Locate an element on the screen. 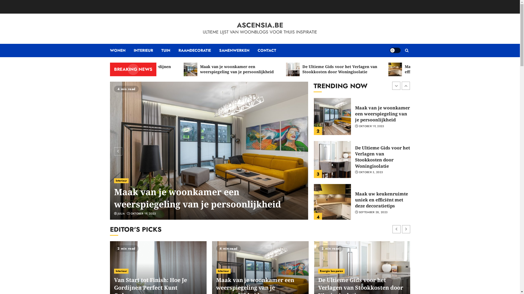 This screenshot has width=524, height=294. 'RAAMDECORATIE' is located at coordinates (198, 50).